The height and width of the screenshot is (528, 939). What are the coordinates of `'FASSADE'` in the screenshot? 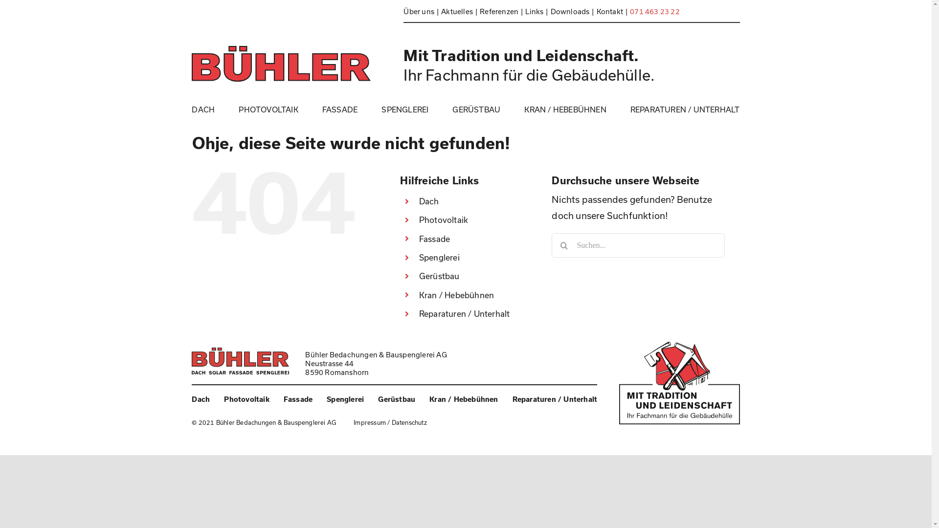 It's located at (340, 109).